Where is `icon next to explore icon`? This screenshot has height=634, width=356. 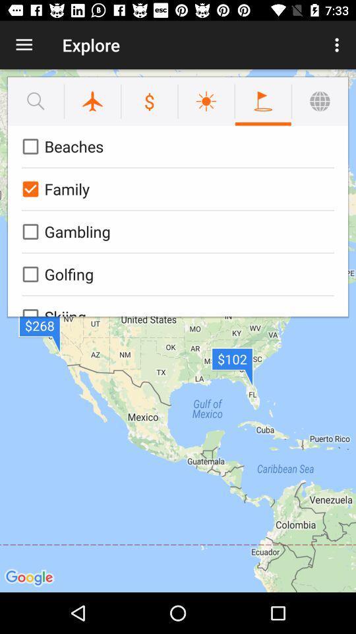
icon next to explore icon is located at coordinates (338, 45).